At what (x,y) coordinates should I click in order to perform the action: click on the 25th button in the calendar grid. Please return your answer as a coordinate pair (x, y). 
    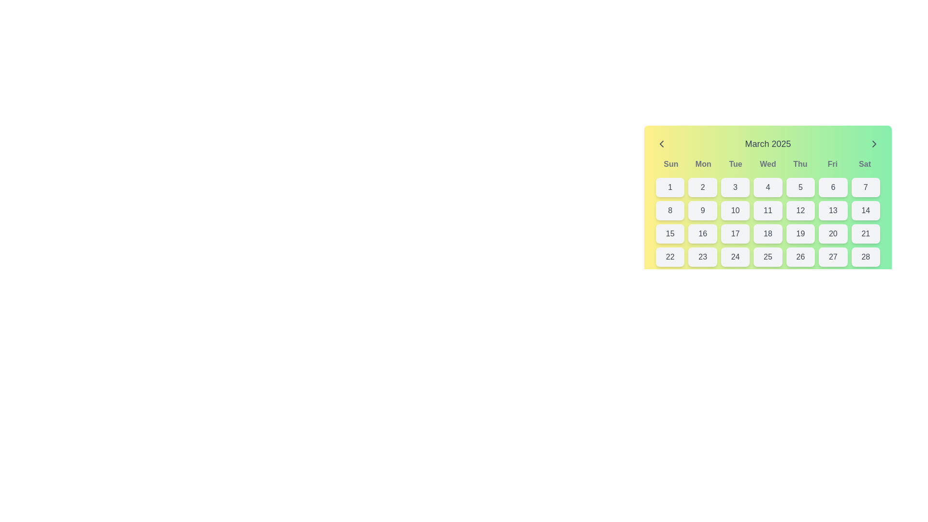
    Looking at the image, I should click on (767, 257).